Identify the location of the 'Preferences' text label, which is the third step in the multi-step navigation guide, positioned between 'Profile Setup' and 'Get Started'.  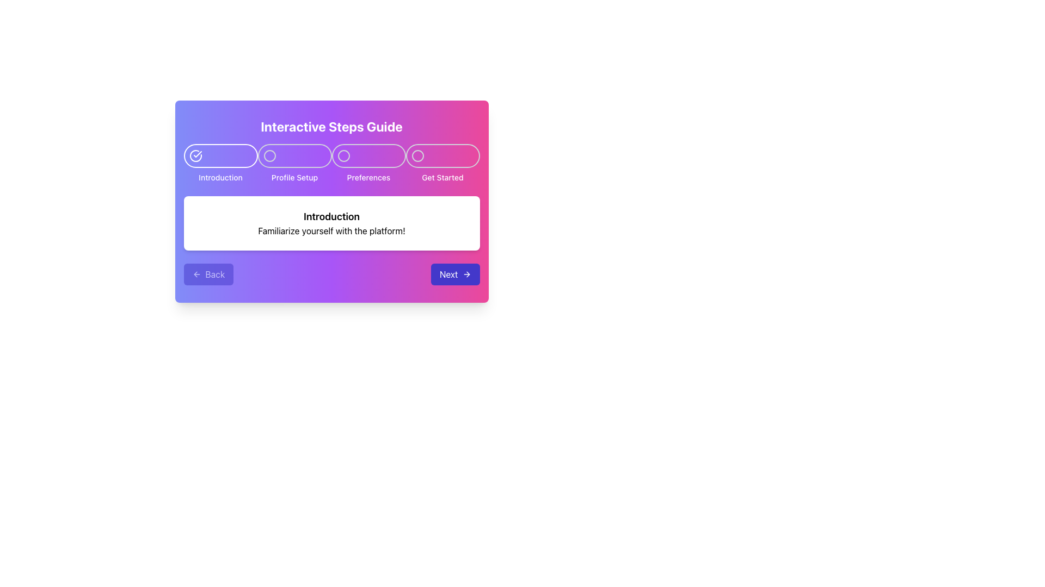
(368, 177).